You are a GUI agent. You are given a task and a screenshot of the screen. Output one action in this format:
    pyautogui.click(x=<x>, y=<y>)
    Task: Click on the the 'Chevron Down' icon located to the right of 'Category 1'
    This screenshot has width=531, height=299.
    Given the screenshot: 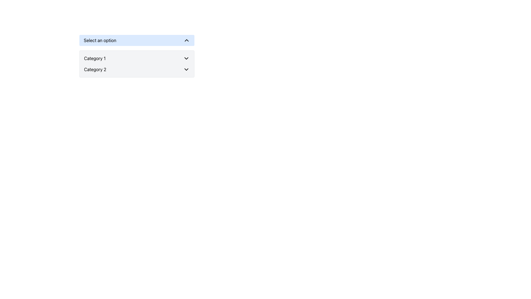 What is the action you would take?
    pyautogui.click(x=186, y=58)
    